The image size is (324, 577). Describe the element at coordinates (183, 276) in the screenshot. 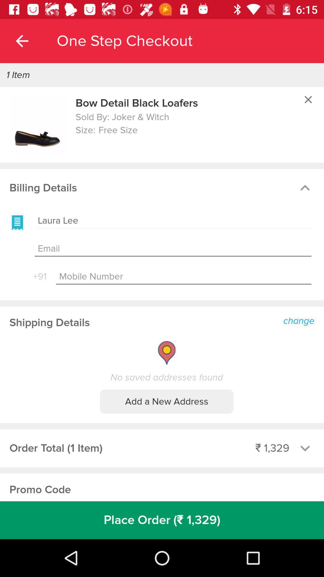

I see `cell phone number` at that location.